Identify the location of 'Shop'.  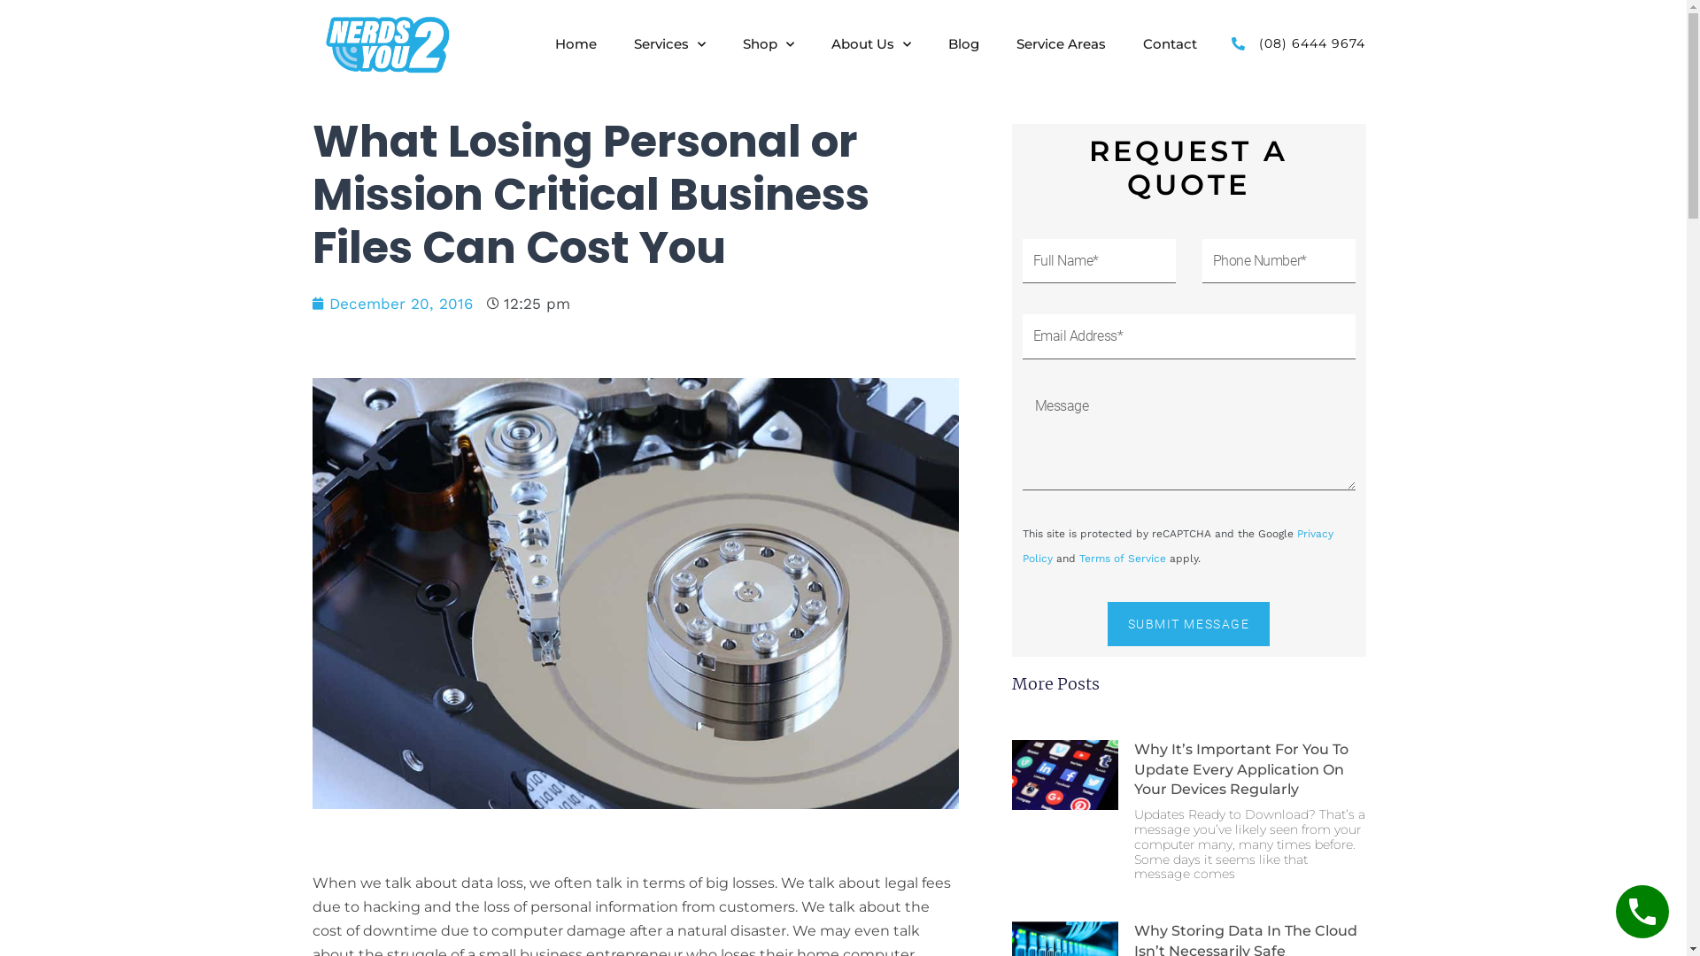
(769, 43).